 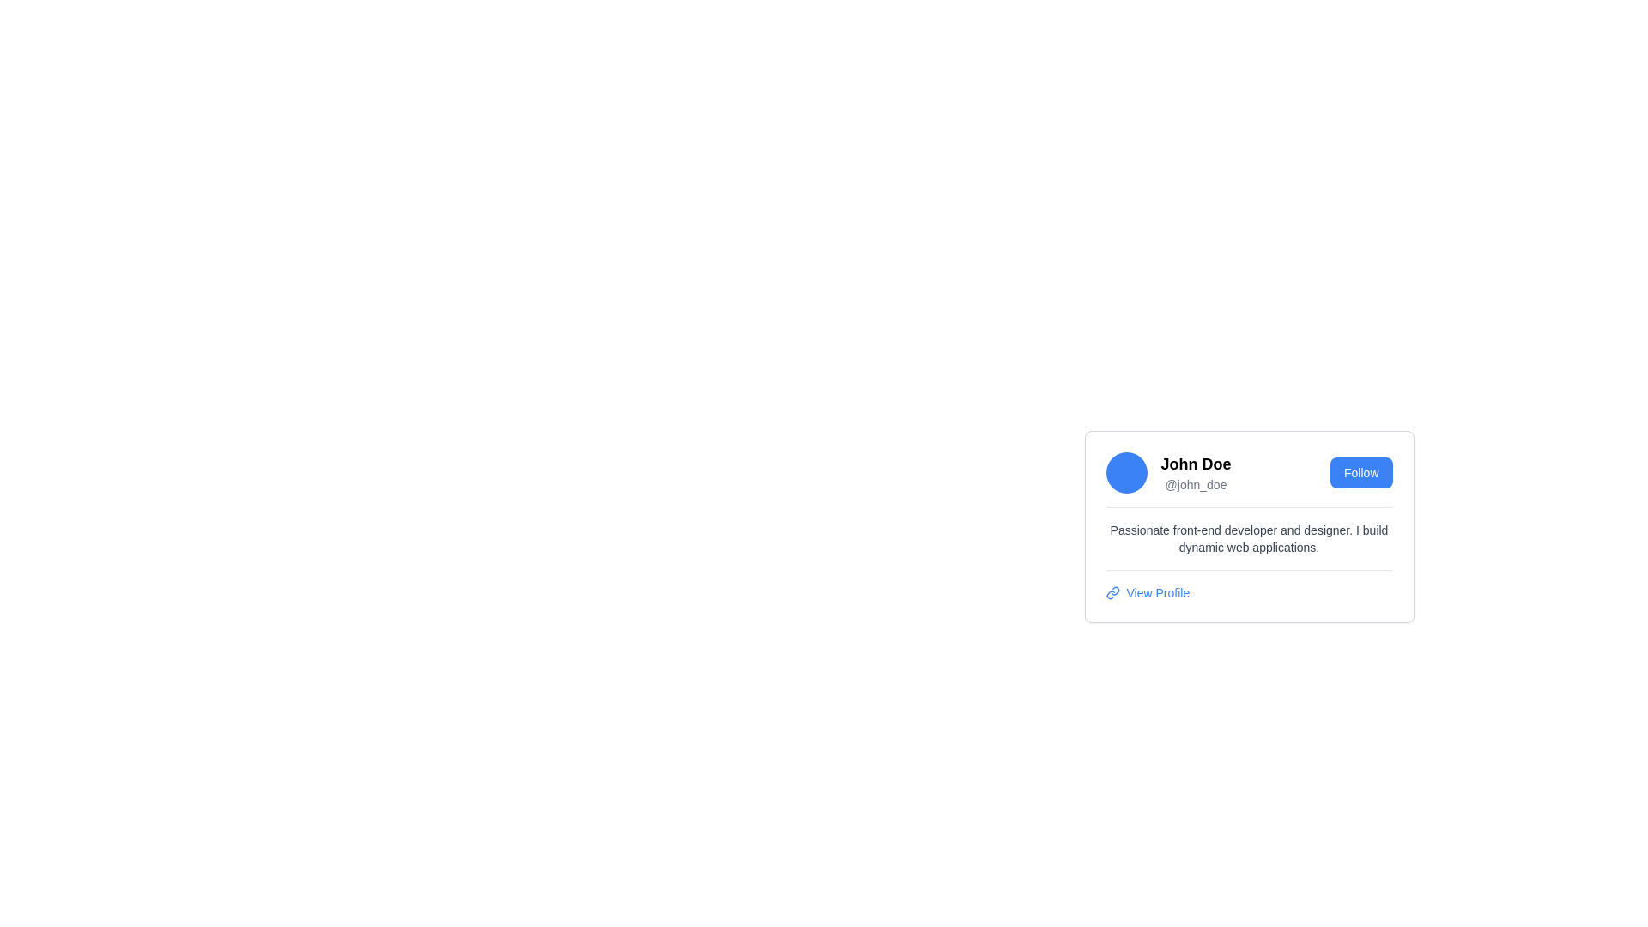 What do you see at coordinates (1195, 463) in the screenshot?
I see `displayed name text located in the top-left corner of the profile card, positioned above the username '@john_doe'` at bounding box center [1195, 463].